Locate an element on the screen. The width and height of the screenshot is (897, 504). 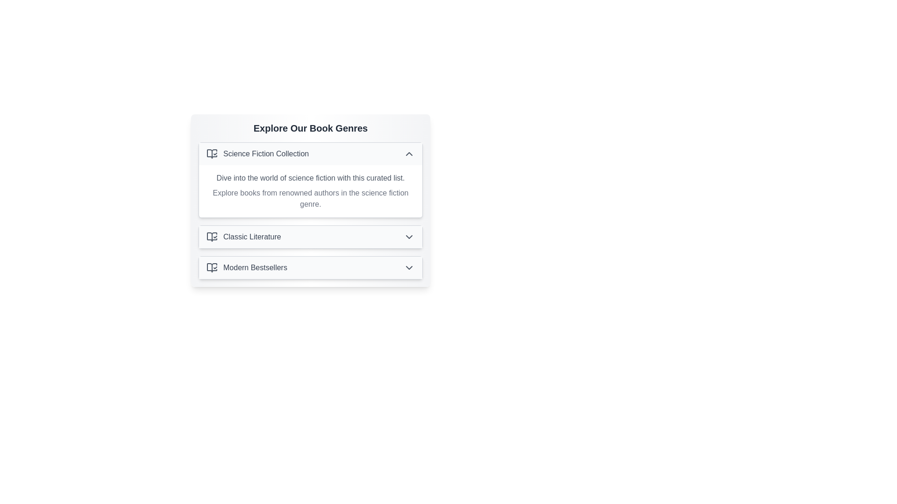
the dropdown trigger for the 'Modern Bestsellers' category is located at coordinates (311, 268).